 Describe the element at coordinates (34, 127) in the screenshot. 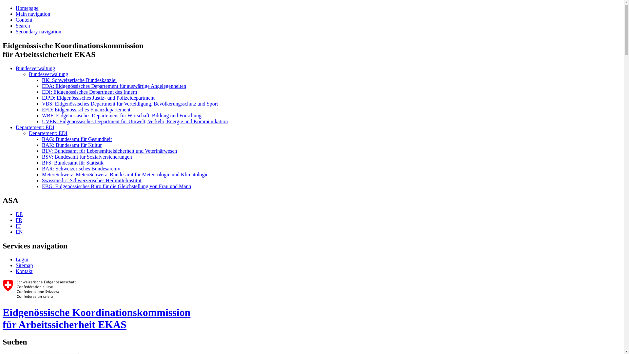

I see `'Departement: EDI'` at that location.